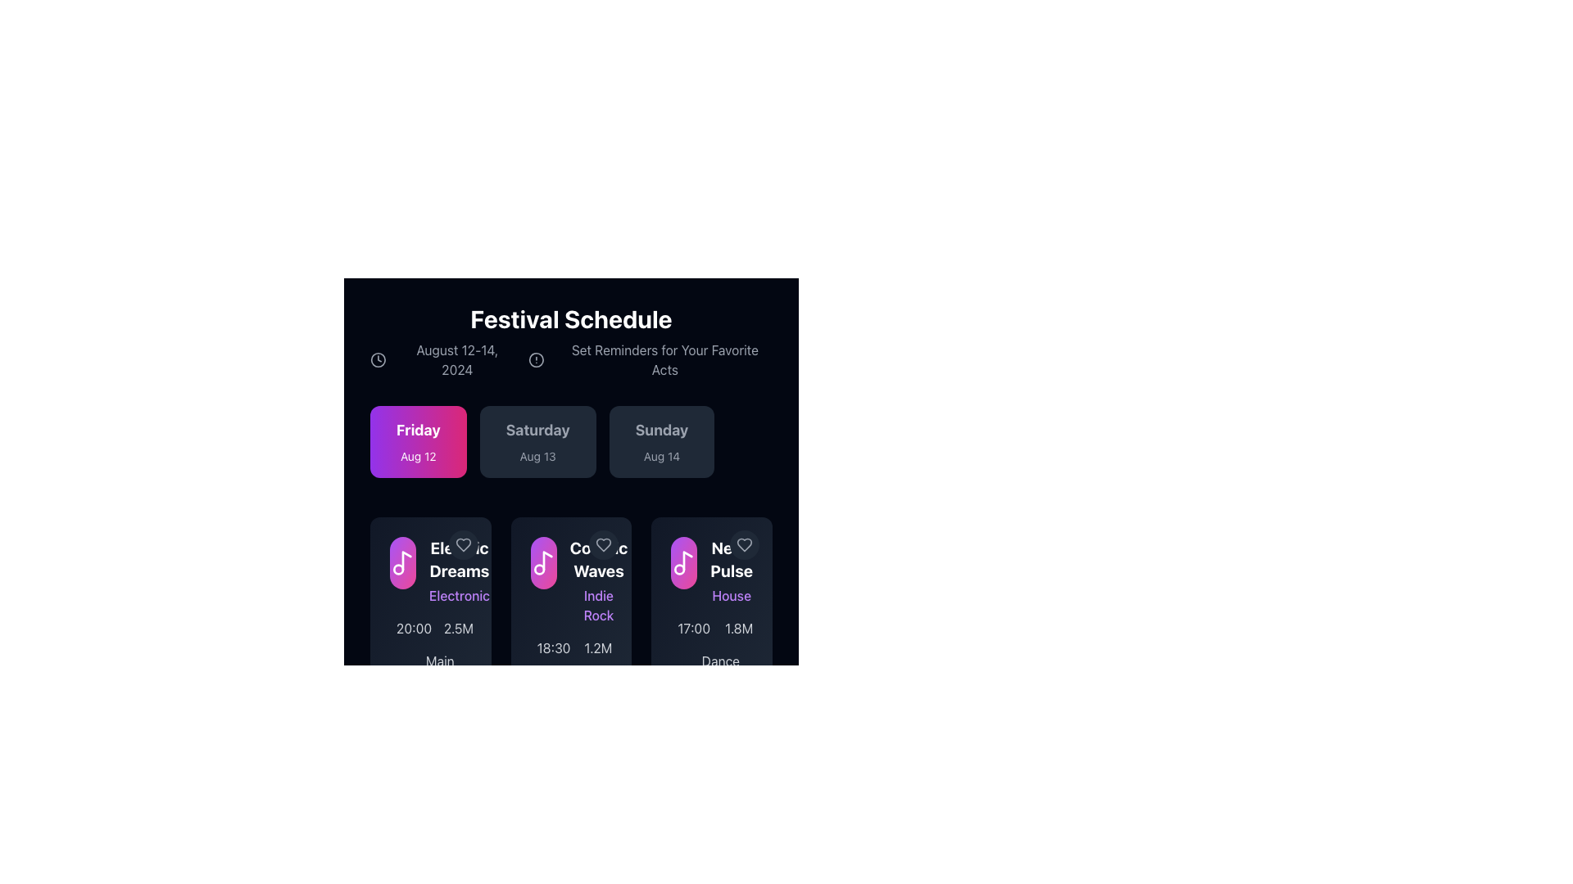 The width and height of the screenshot is (1573, 884). What do you see at coordinates (571, 448) in the screenshot?
I see `the date card in the horizontal list that displays 'Saturday Aug 13'` at bounding box center [571, 448].